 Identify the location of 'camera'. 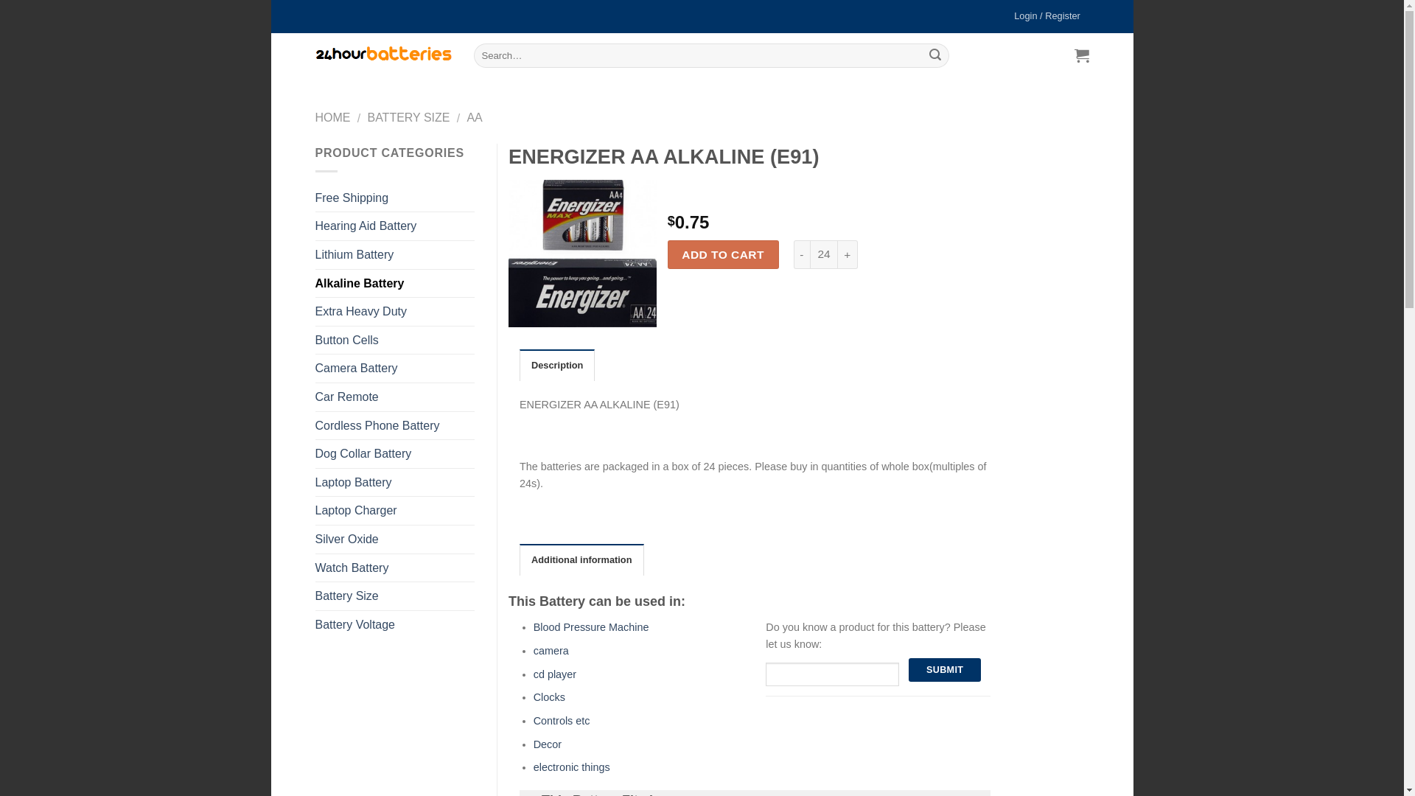
(551, 650).